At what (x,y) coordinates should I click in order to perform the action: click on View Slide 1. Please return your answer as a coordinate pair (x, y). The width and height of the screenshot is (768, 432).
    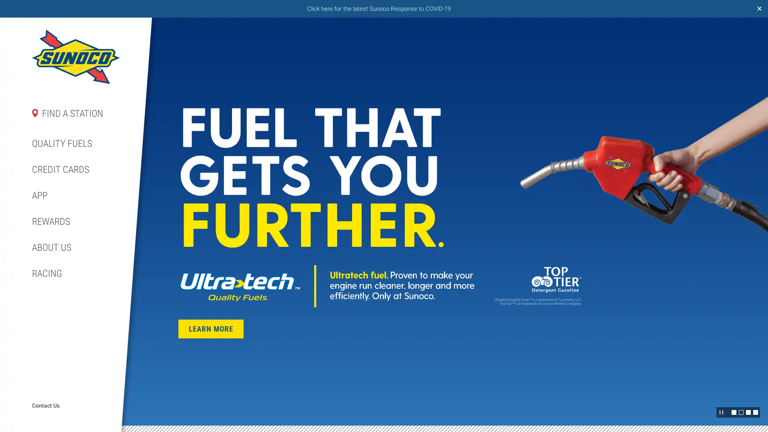
    Looking at the image, I should click on (734, 412).